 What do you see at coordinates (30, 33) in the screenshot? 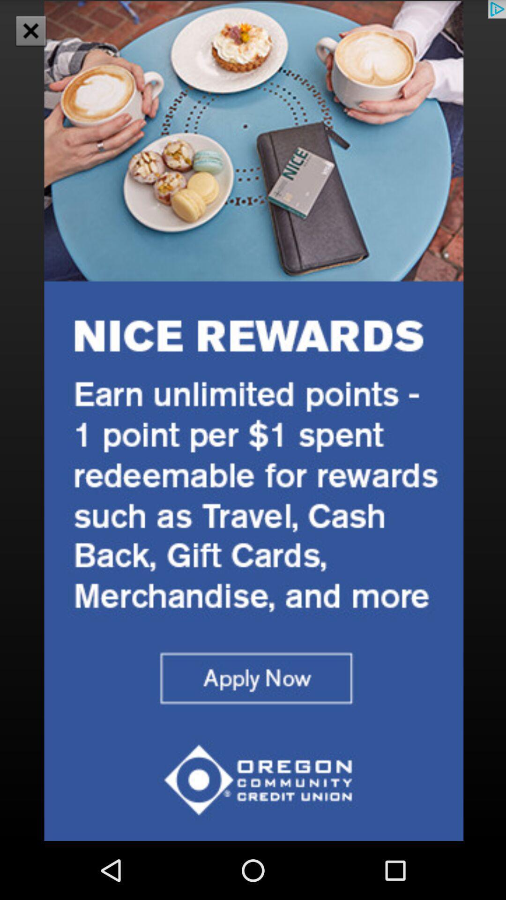
I see `the close icon` at bounding box center [30, 33].